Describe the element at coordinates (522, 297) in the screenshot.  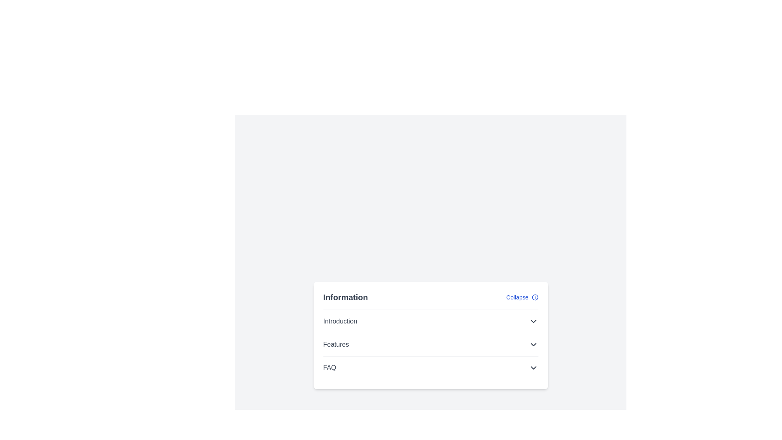
I see `the 'Collapse' hyperlink styled in blue text with an information icon on its right side, located in the upper-right corner of the 'Information' section` at that location.